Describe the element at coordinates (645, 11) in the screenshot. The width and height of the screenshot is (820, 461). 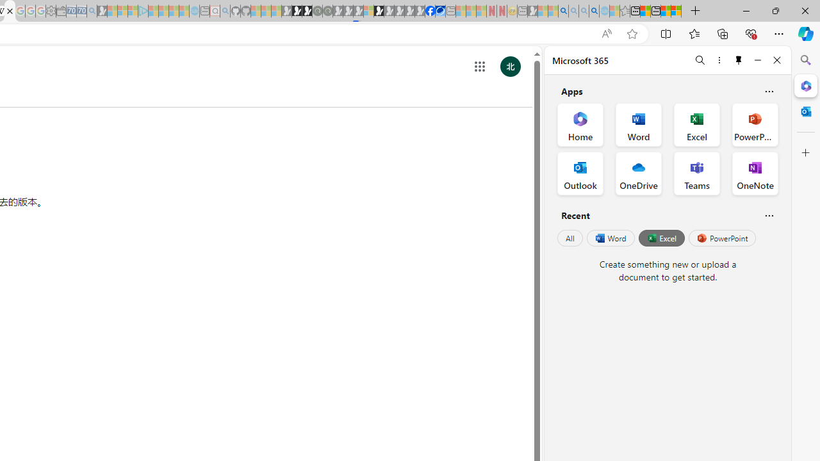
I see `'Aberdeen, Hong Kong SAR weather forecast | Microsoft Weather'` at that location.